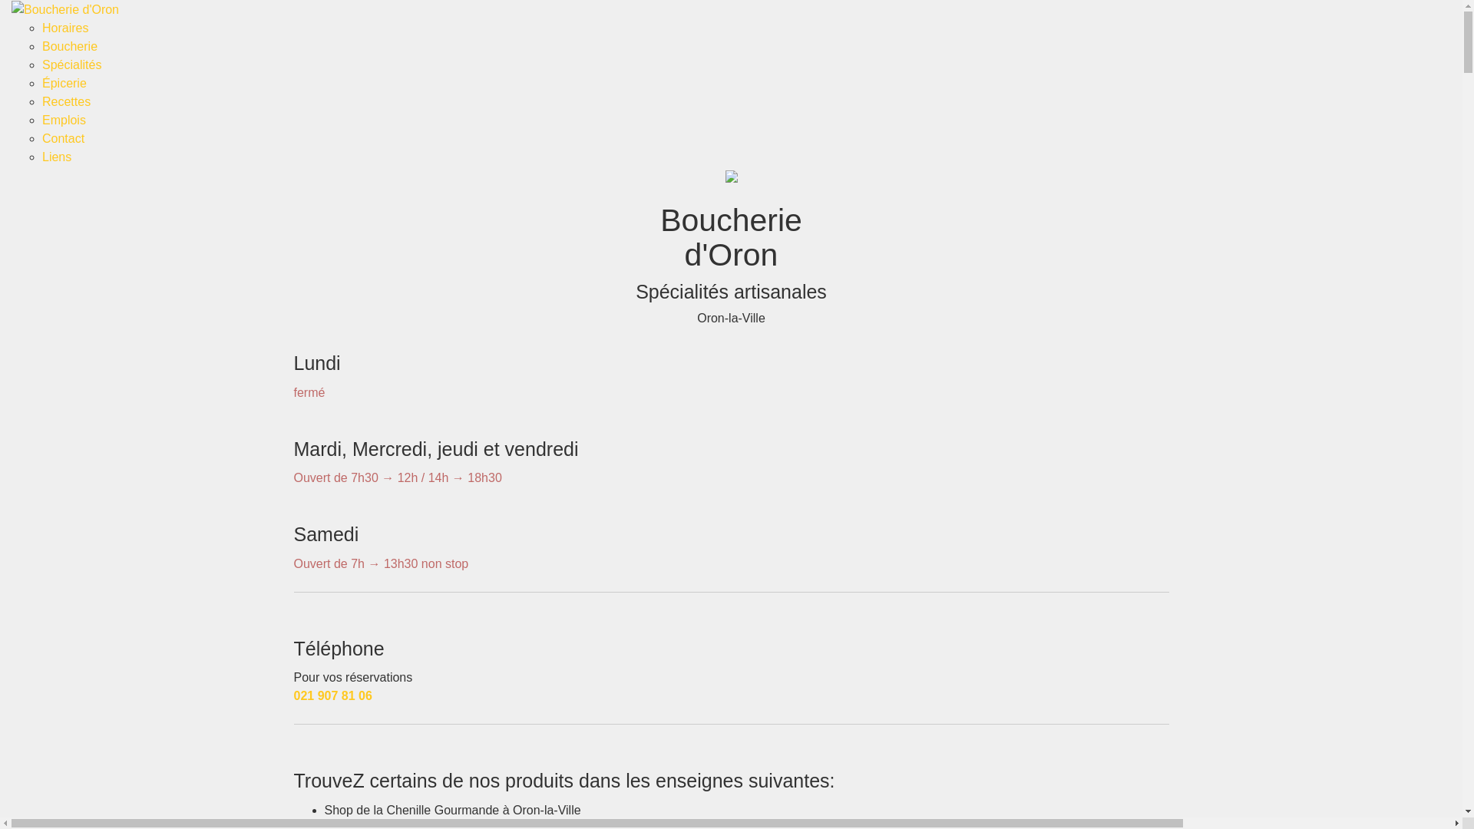 The image size is (1474, 829). What do you see at coordinates (63, 119) in the screenshot?
I see `'Emplois'` at bounding box center [63, 119].